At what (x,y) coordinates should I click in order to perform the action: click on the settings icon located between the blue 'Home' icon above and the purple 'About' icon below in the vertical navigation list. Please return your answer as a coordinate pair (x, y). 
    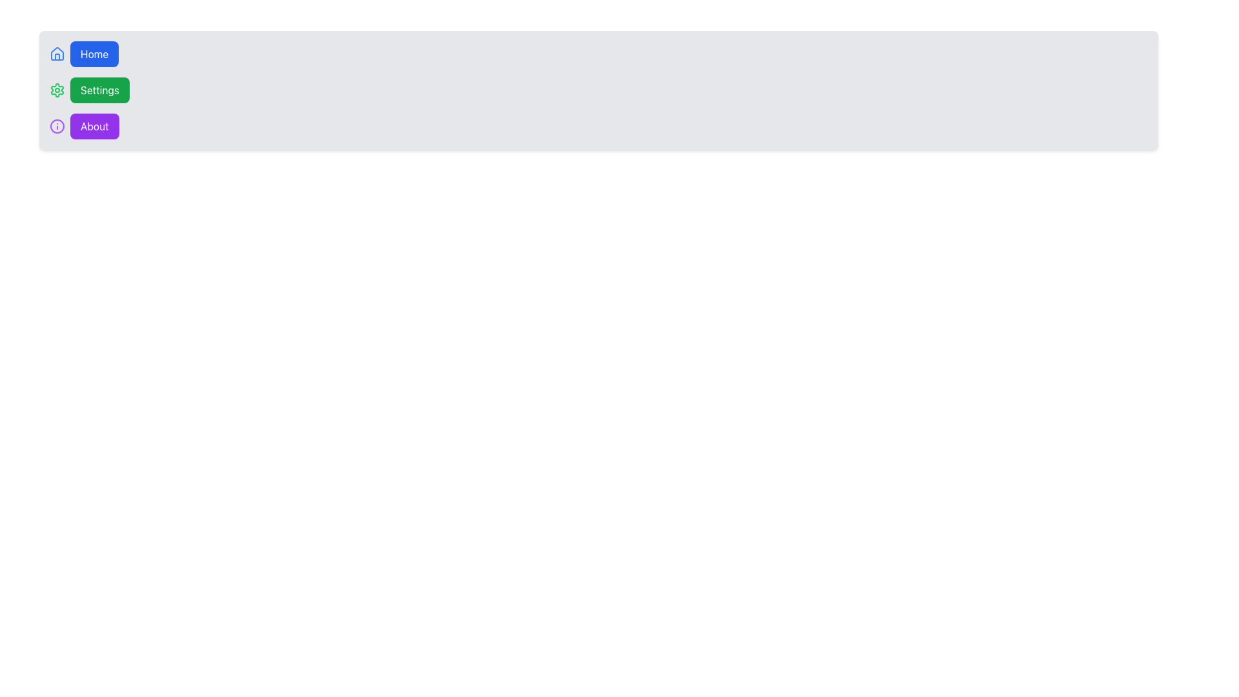
    Looking at the image, I should click on (57, 89).